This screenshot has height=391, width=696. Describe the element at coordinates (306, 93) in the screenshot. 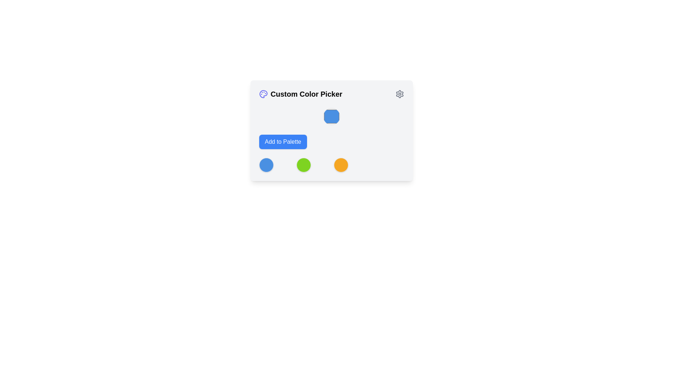

I see `text of the label that displays 'Custom Color Picker', which is styled in bold and positioned at the top of a white interface card` at that location.